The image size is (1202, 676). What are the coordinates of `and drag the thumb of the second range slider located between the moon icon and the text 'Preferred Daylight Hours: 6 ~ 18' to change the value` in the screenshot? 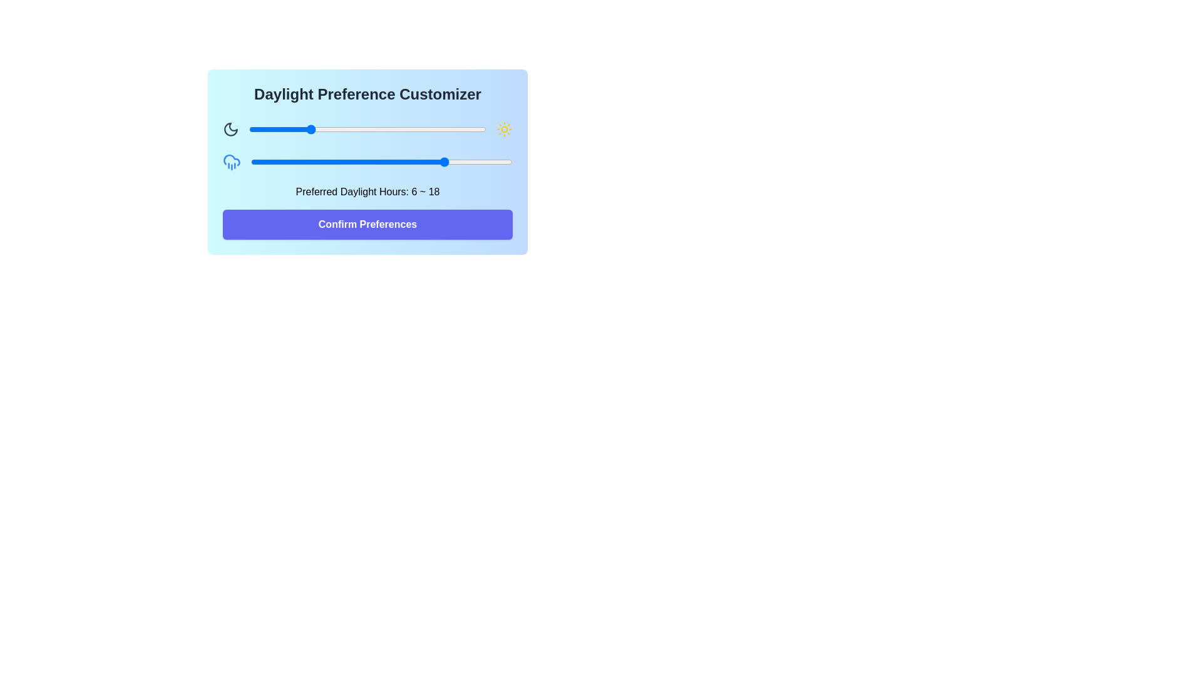 It's located at (367, 161).